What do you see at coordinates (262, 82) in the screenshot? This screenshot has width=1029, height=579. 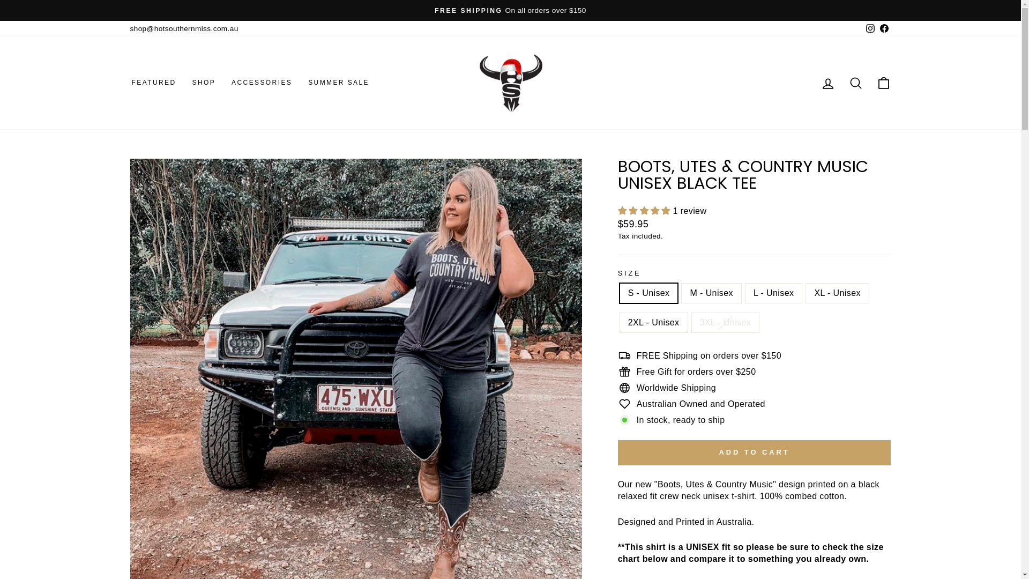 I see `'ACCESSORIES'` at bounding box center [262, 82].